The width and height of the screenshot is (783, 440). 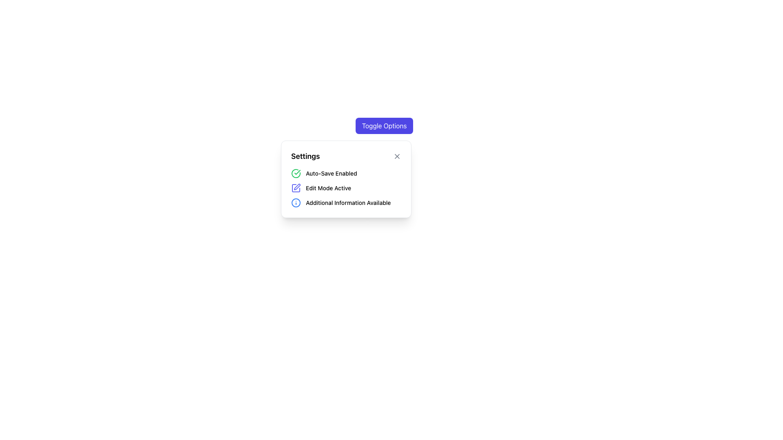 I want to click on the Status indicator labeled 'Auto-Save Enabled' with a green checkmark icon in the 'Settings' popup, which is the first row of three similar rows, so click(x=346, y=173).